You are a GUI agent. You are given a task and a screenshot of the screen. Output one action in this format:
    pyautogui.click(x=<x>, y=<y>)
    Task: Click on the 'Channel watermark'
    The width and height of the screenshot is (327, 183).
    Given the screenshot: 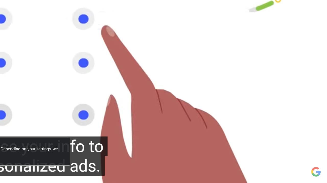 What is the action you would take?
    pyautogui.click(x=316, y=172)
    